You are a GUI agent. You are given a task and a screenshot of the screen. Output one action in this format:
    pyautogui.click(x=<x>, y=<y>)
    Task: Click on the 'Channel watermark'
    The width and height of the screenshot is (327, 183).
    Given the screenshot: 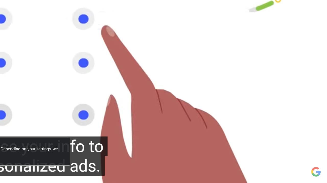 What is the action you would take?
    pyautogui.click(x=316, y=172)
    